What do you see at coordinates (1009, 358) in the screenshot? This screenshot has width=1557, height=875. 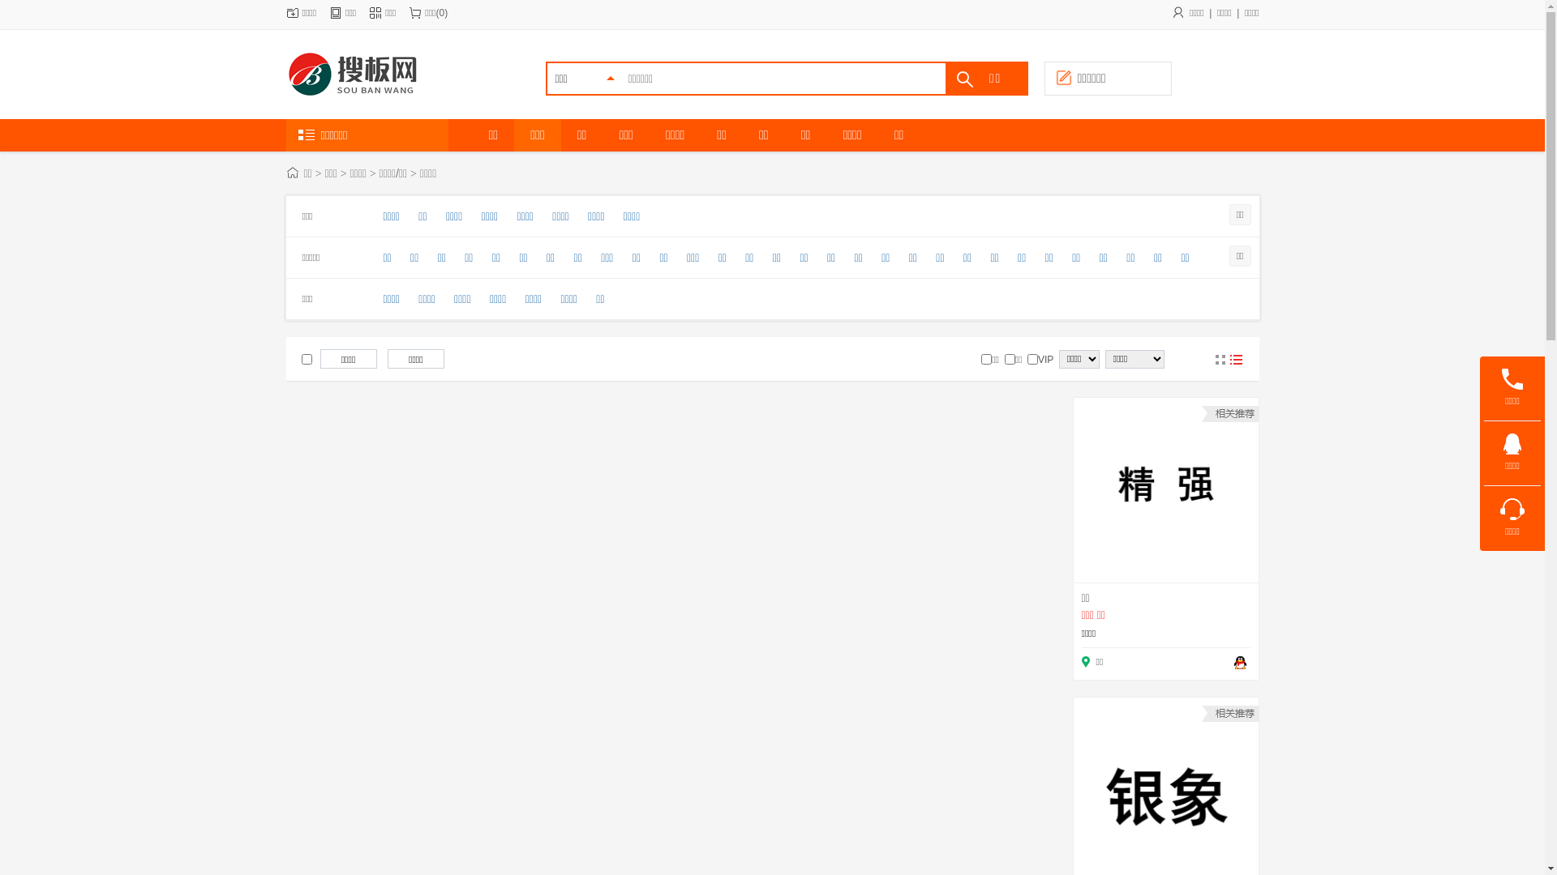 I see `'on'` at bounding box center [1009, 358].